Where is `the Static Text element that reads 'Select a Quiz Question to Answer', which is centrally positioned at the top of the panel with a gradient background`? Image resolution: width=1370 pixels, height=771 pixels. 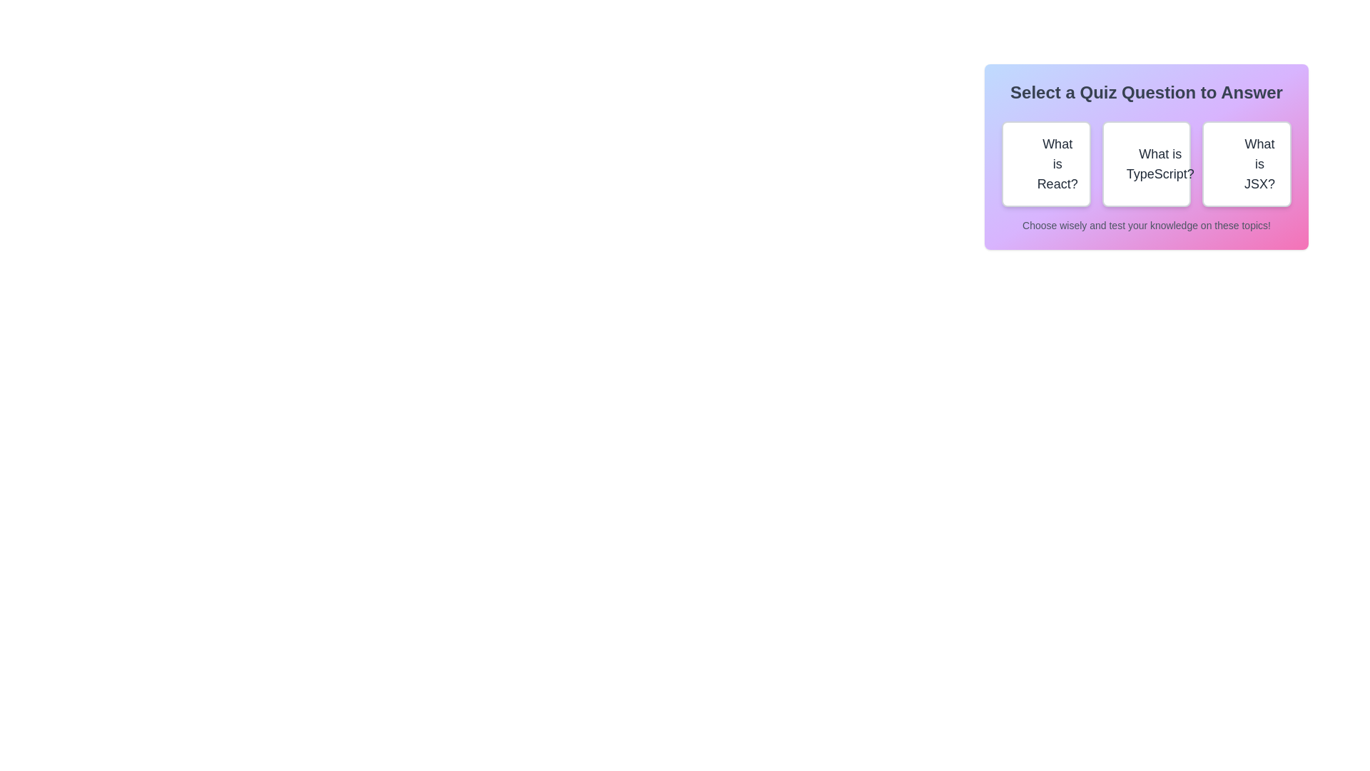 the Static Text element that reads 'Select a Quiz Question to Answer', which is centrally positioned at the top of the panel with a gradient background is located at coordinates (1147, 93).